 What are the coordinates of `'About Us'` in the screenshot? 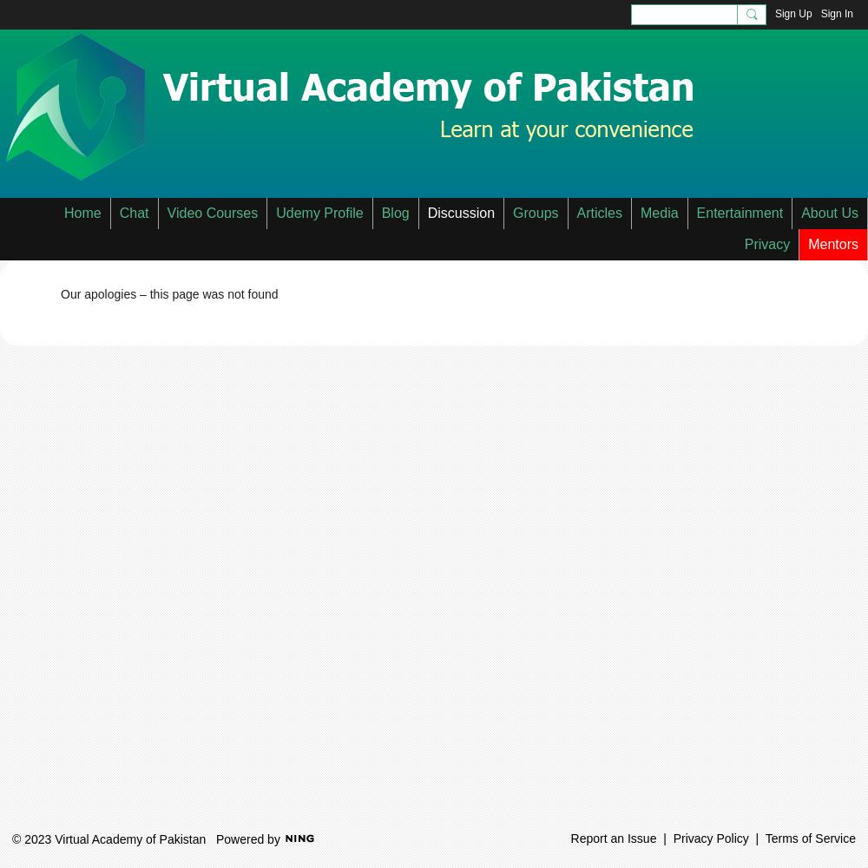 It's located at (829, 212).